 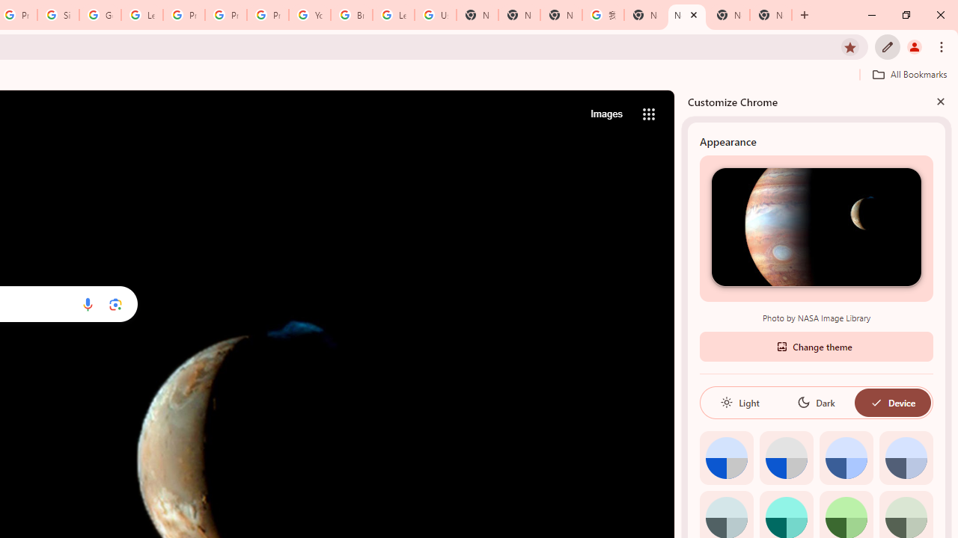 I want to click on 'Dark', so click(x=815, y=401).